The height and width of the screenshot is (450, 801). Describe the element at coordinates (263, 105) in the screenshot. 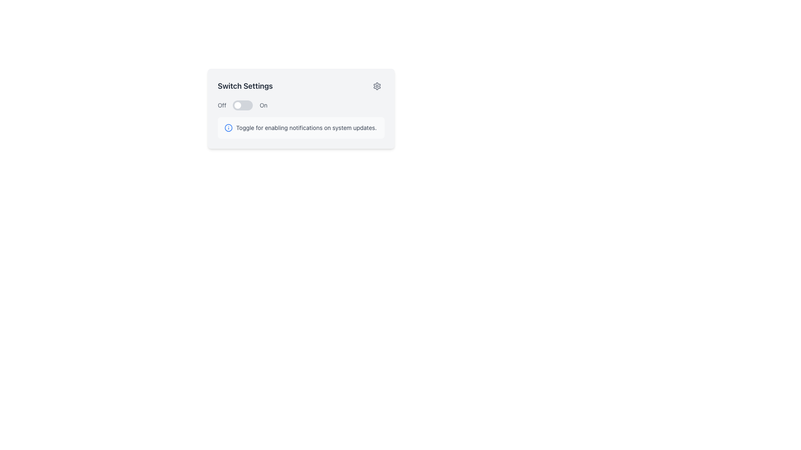

I see `the 'On' text label, which is a small, gray-colored font located at the end of a toggle switch in a settings section` at that location.